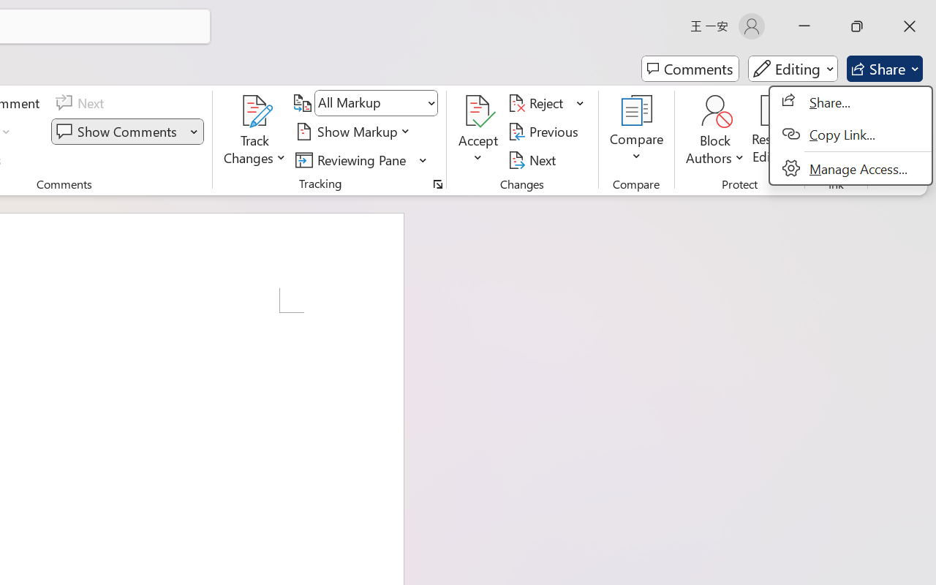 This screenshot has height=585, width=936. Describe the element at coordinates (478, 110) in the screenshot. I see `'Accept and Move to Next'` at that location.